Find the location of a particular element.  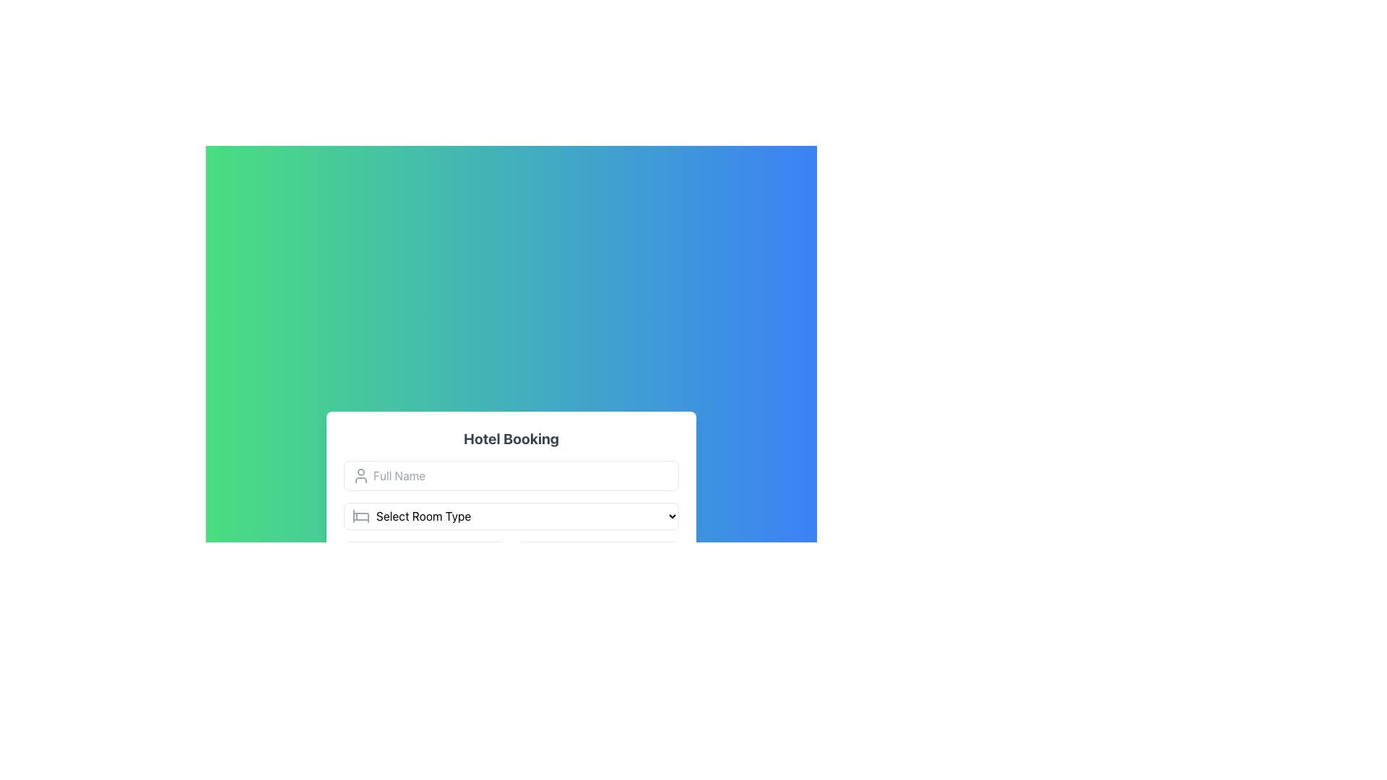

the Dropdown menu that allows users is located at coordinates (511, 535).